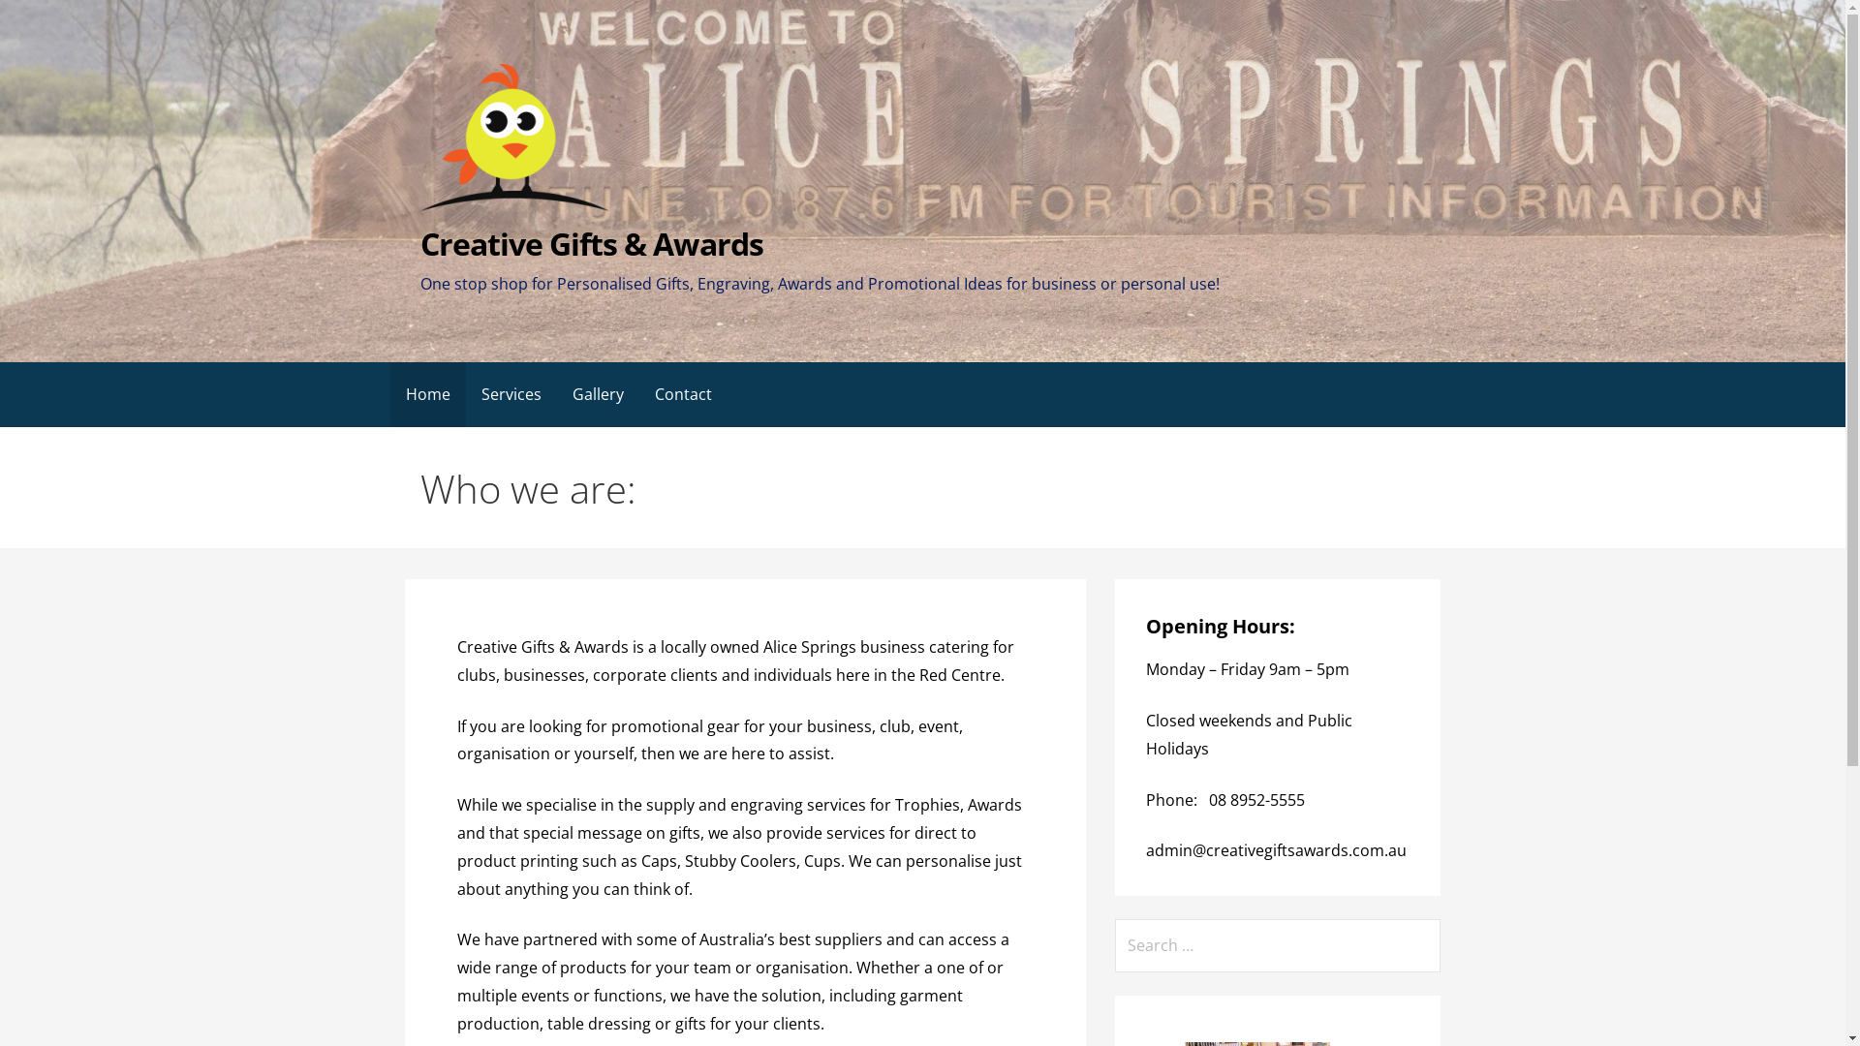 This screenshot has width=1860, height=1046. What do you see at coordinates (596, 393) in the screenshot?
I see `'Gallery'` at bounding box center [596, 393].